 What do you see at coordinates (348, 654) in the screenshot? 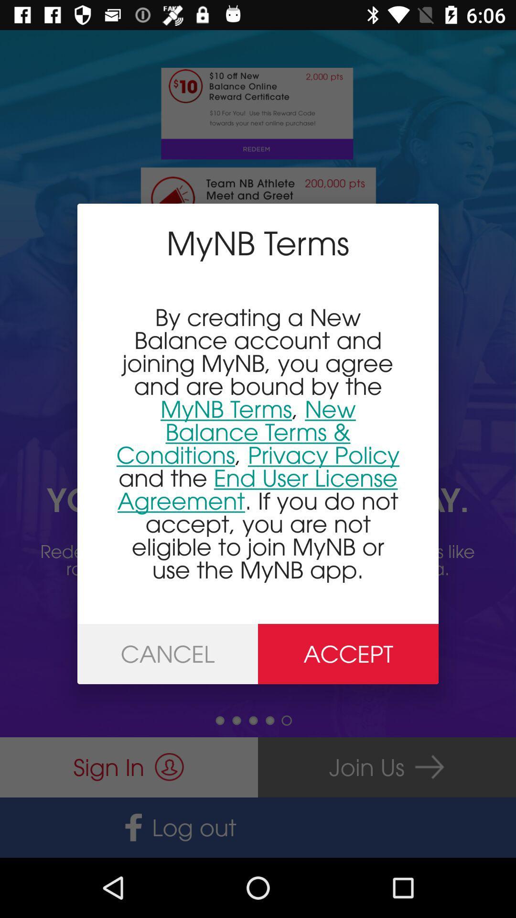
I see `the item to the right of cancel item` at bounding box center [348, 654].